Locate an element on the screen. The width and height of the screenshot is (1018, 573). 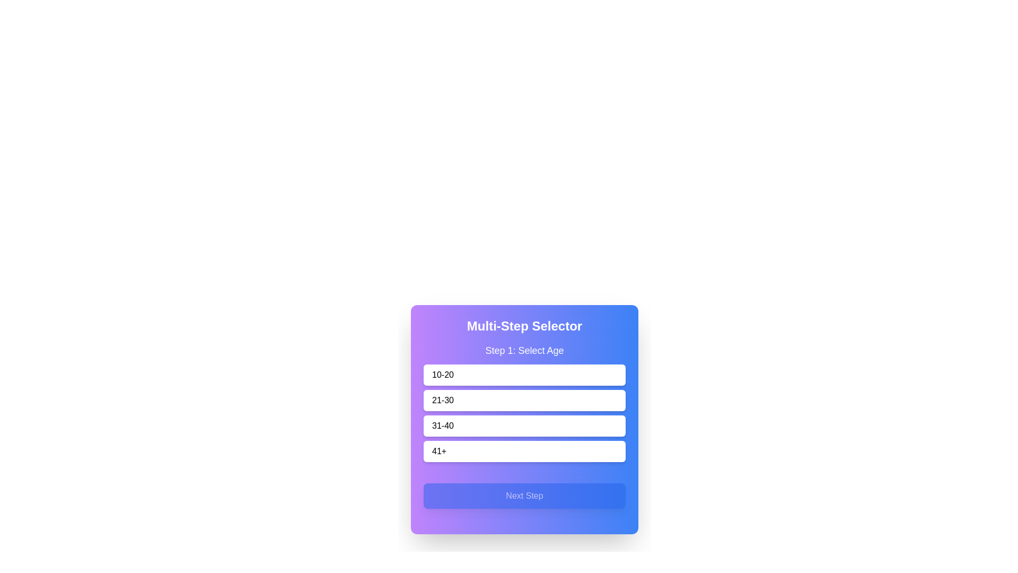
the '31-40' age range selection button, which is the third button in a vertical group under the heading 'Step 1: Select Age' is located at coordinates (524, 413).